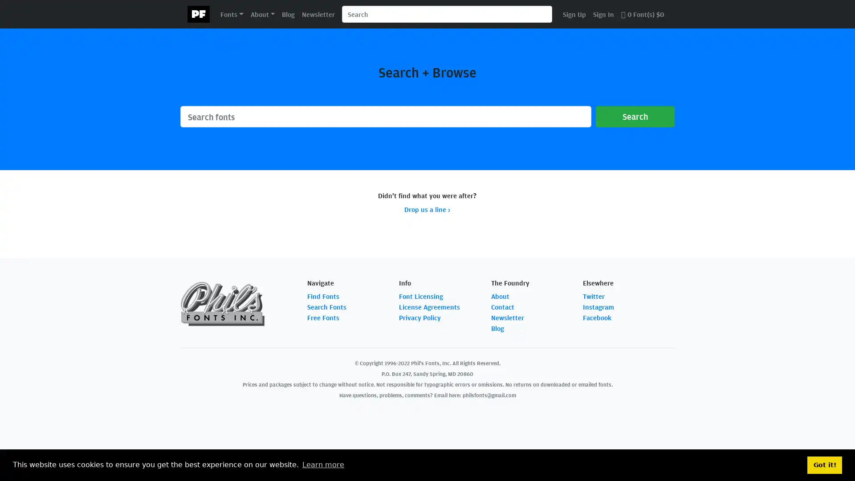 Image resolution: width=855 pixels, height=481 pixels. I want to click on Search, so click(634, 116).